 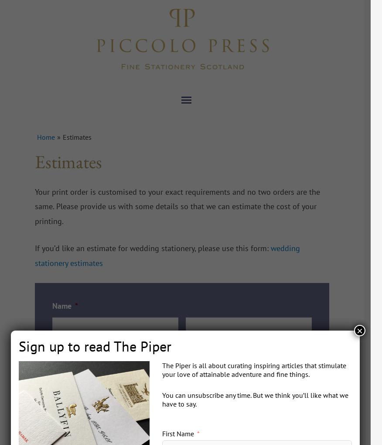 I want to click on 'If you’d like an estimate for wedding stationery, please use this form:', so click(x=34, y=248).